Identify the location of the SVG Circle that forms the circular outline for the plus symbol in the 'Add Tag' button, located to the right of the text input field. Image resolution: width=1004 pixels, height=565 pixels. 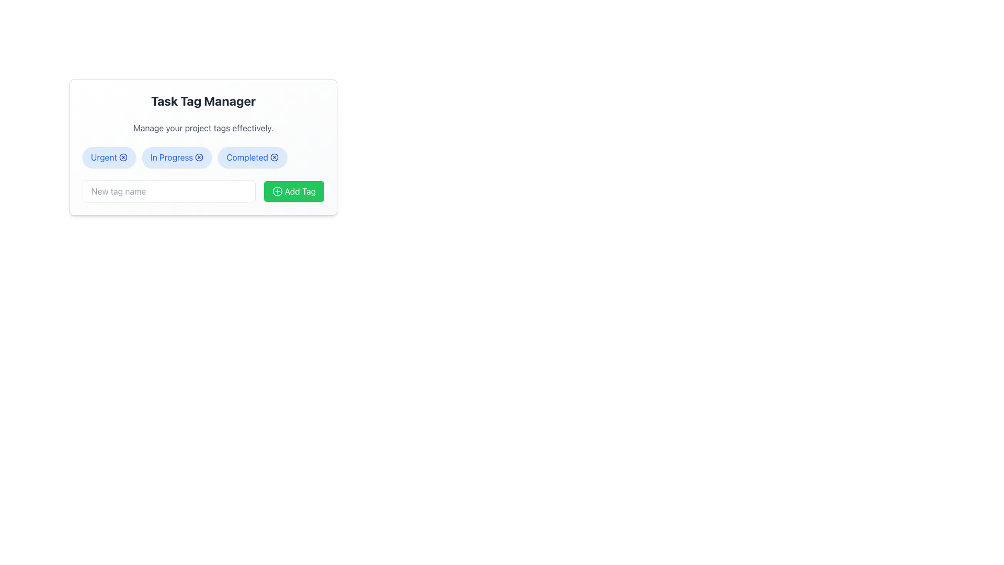
(277, 191).